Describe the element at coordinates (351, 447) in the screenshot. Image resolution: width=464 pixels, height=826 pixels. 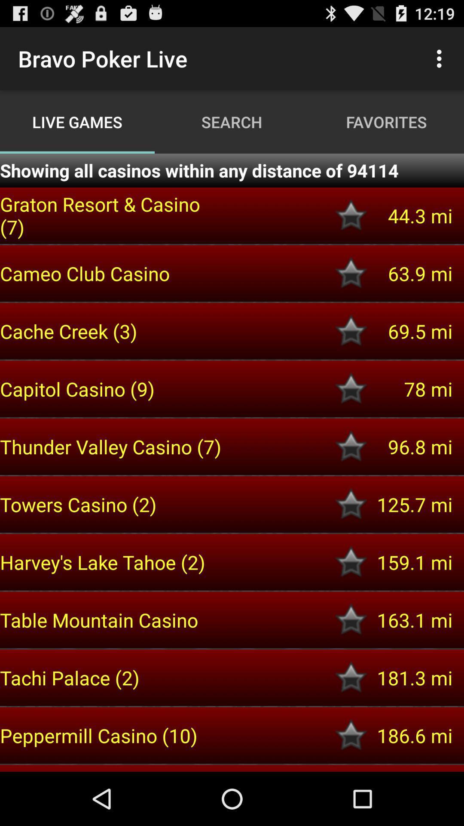
I see `choose it` at that location.